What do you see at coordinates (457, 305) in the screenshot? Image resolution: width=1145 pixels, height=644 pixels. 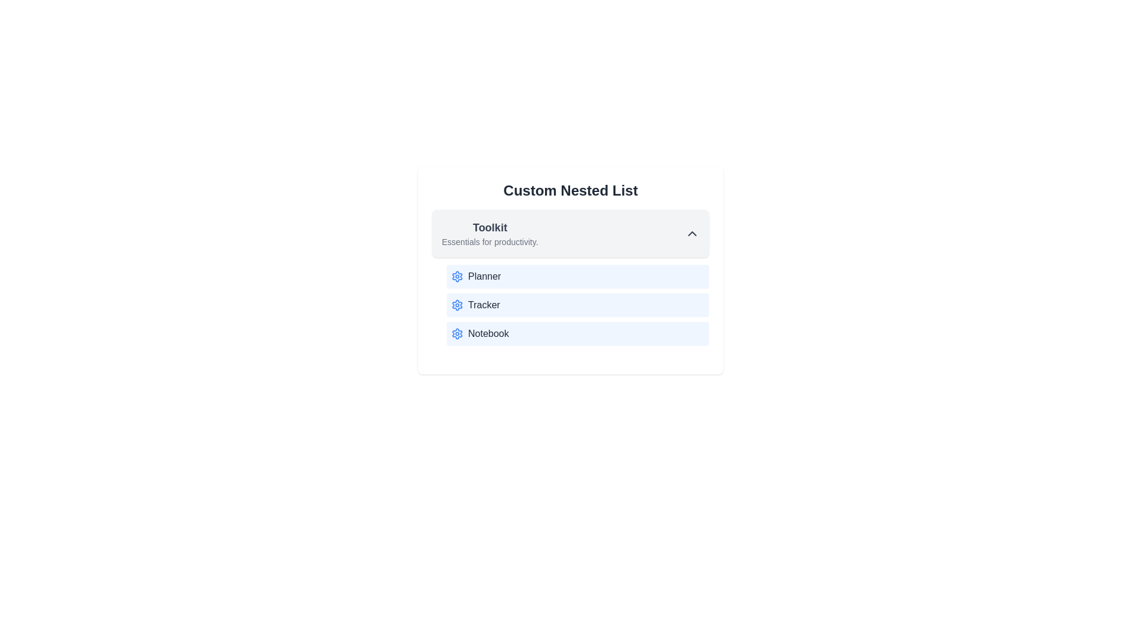 I see `the icon next to the item Tracker in the list` at bounding box center [457, 305].